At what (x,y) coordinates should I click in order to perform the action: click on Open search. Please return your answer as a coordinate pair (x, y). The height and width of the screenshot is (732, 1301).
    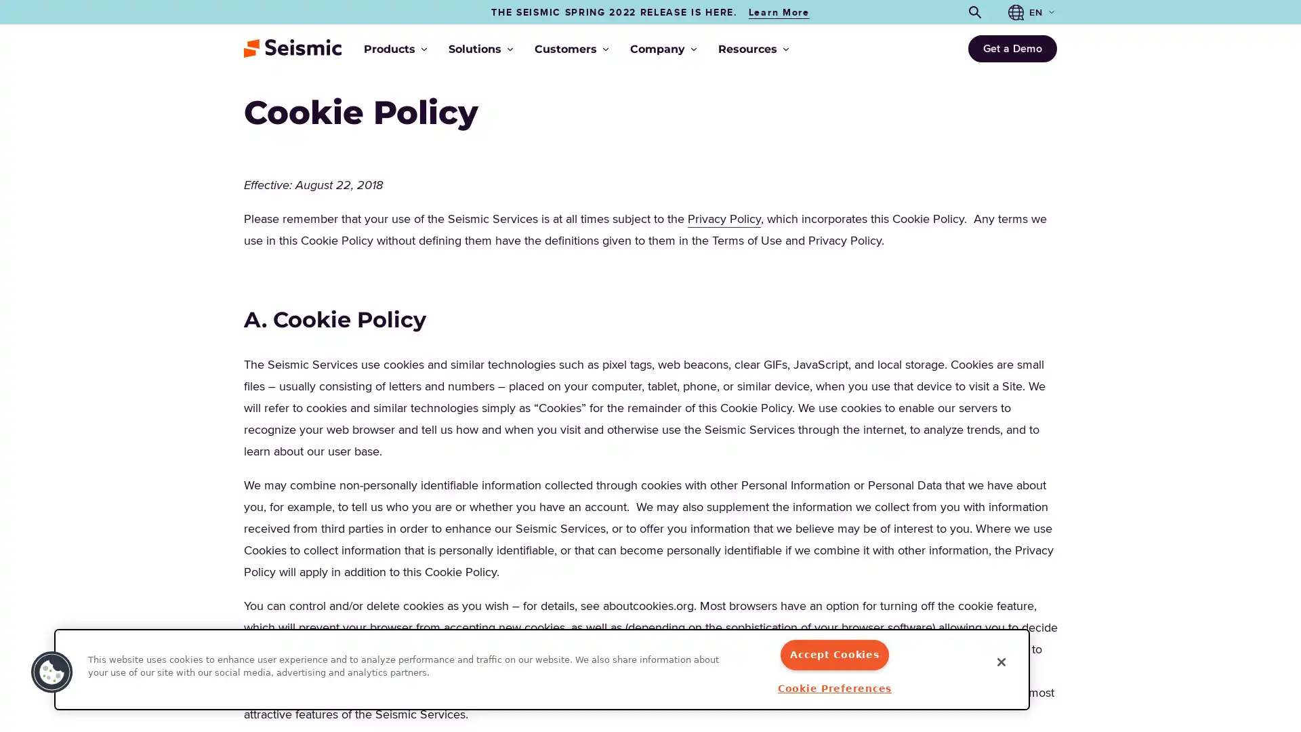
    Looking at the image, I should click on (974, 12).